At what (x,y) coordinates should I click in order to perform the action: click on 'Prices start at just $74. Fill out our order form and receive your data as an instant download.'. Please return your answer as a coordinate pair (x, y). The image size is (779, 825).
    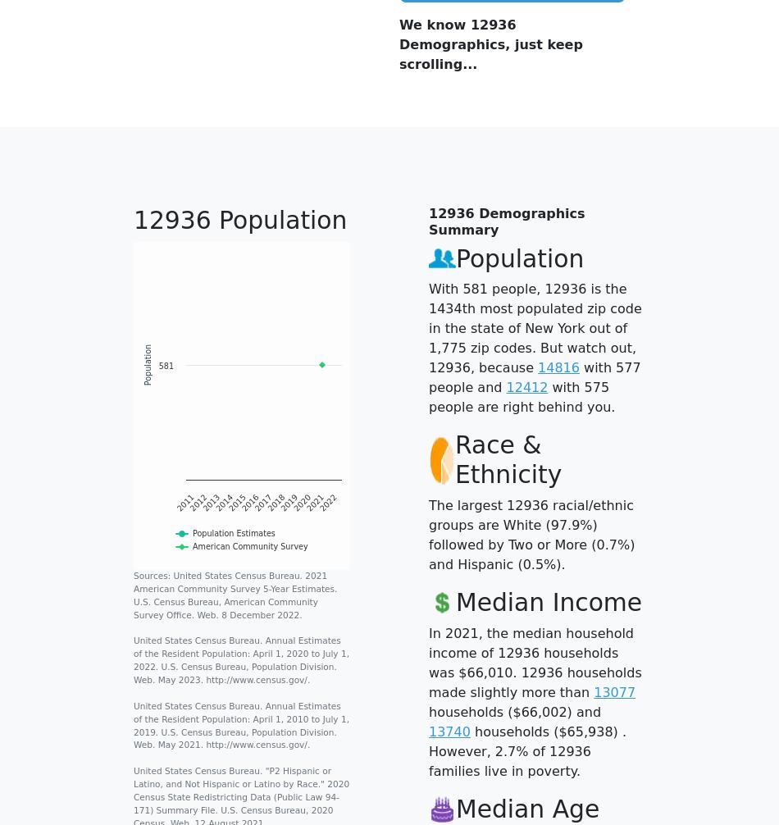
    Looking at the image, I should click on (533, 358).